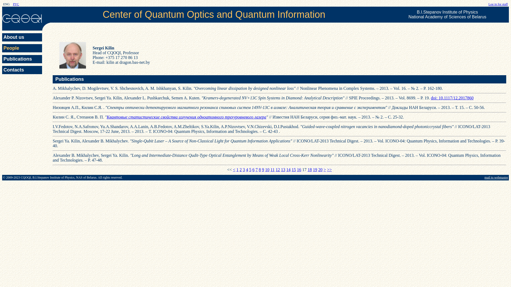  What do you see at coordinates (288, 170) in the screenshot?
I see `'14'` at bounding box center [288, 170].